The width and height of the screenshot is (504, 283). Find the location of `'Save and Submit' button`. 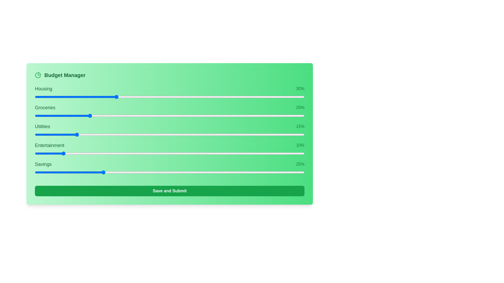

'Save and Submit' button is located at coordinates (170, 191).